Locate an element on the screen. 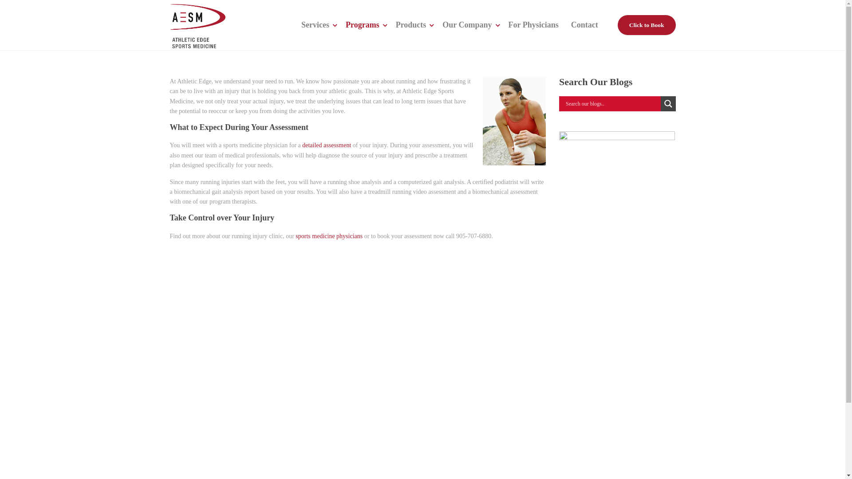  'Programs' is located at coordinates (364, 24).